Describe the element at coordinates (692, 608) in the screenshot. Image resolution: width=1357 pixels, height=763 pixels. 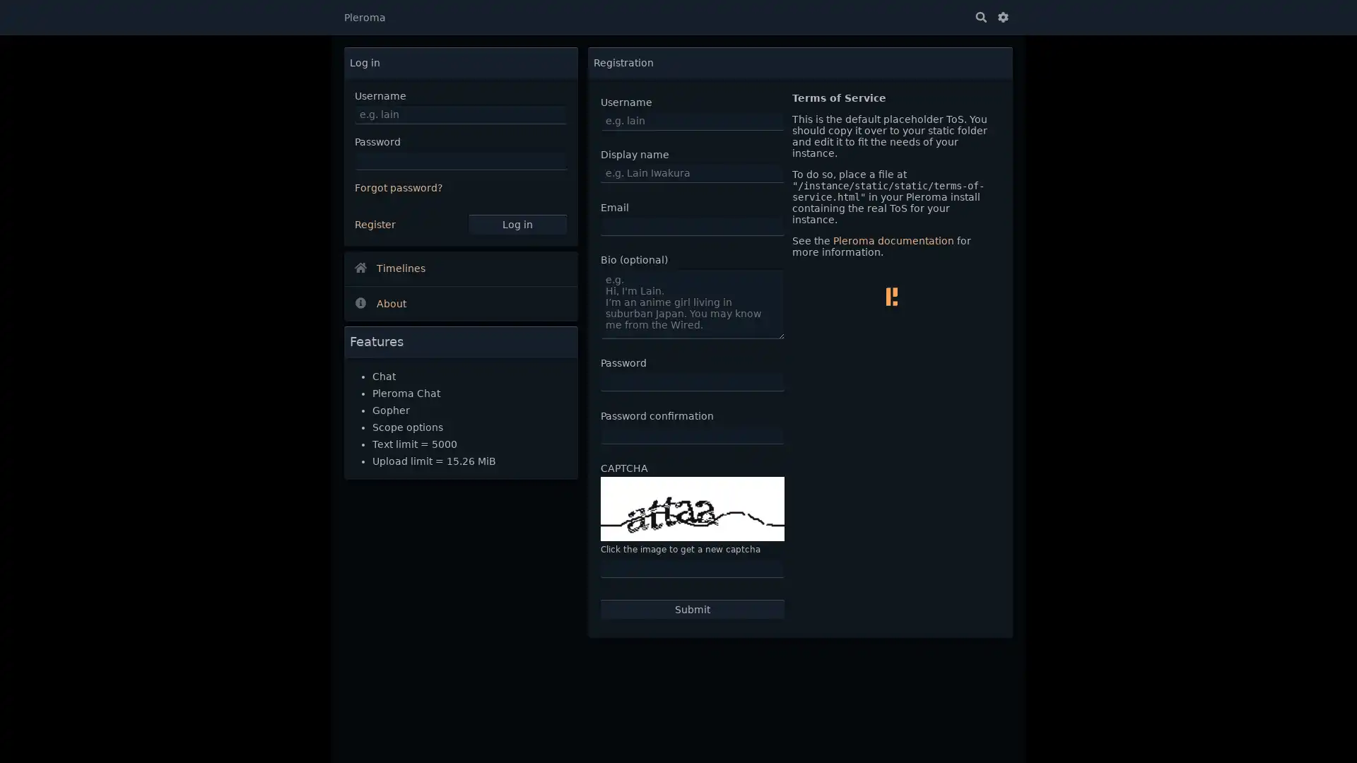
I see `Submit` at that location.